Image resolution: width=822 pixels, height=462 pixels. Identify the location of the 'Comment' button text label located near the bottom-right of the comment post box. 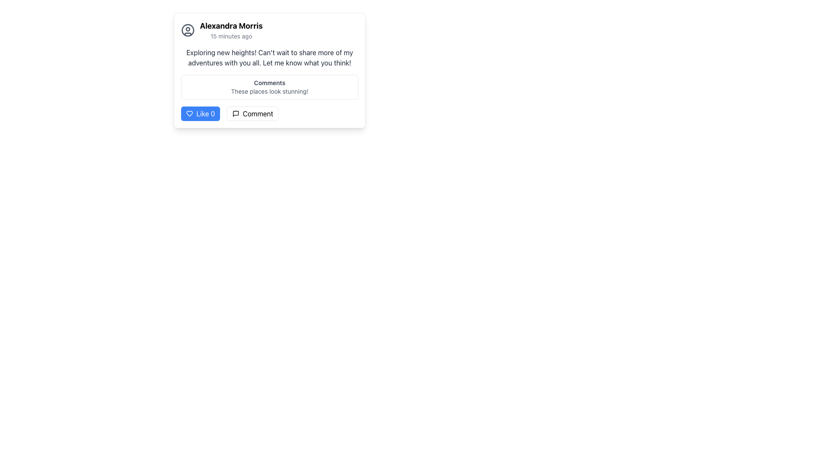
(257, 113).